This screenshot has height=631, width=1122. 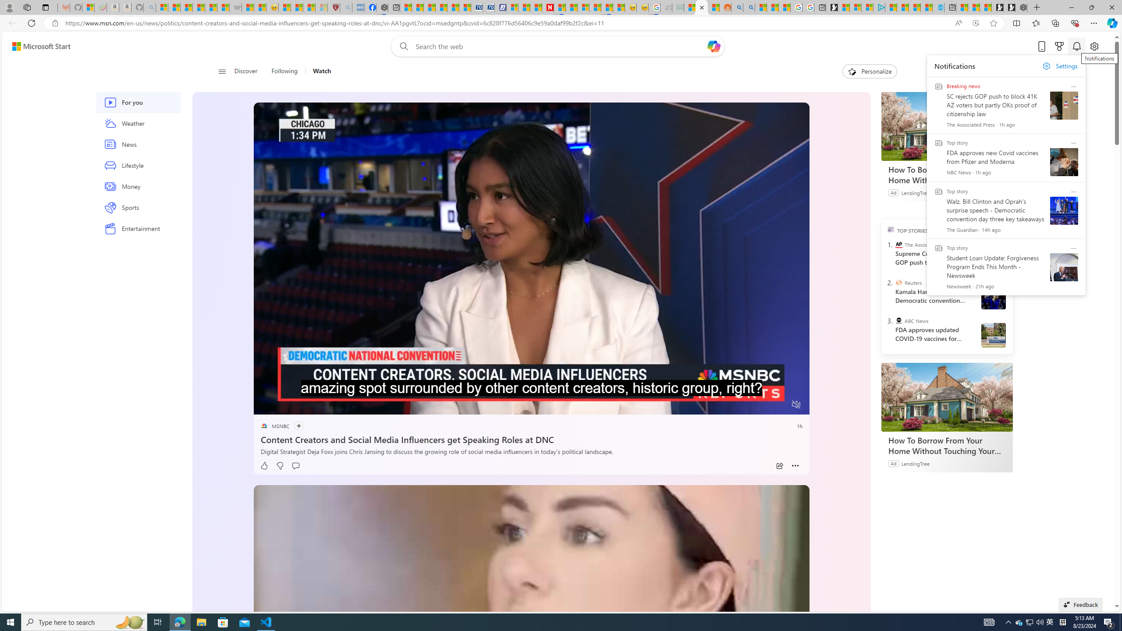 What do you see at coordinates (761, 404) in the screenshot?
I see `'Captions'` at bounding box center [761, 404].